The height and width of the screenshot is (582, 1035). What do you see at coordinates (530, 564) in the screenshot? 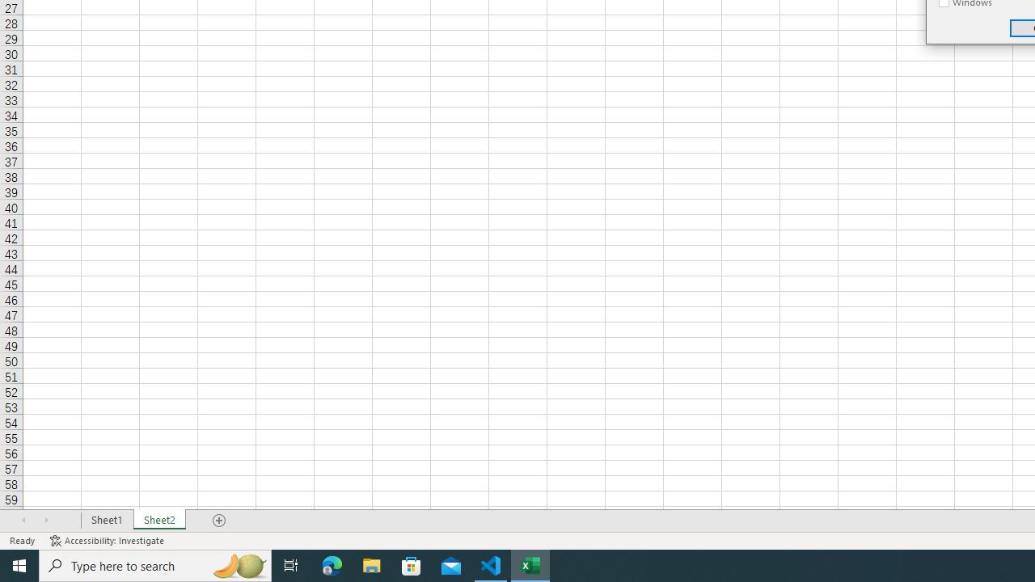
I see `'Excel - 1 running window'` at bounding box center [530, 564].